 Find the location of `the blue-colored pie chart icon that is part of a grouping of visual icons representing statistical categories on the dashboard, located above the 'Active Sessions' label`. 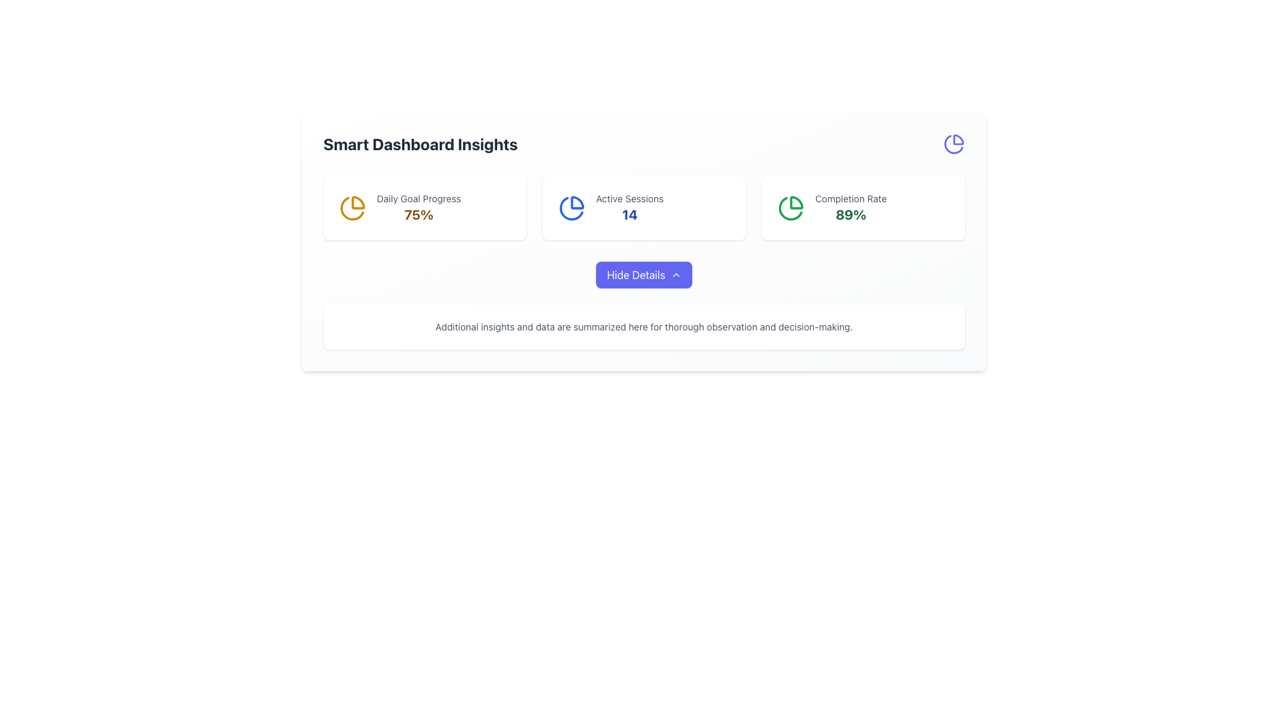

the blue-colored pie chart icon that is part of a grouping of visual icons representing statistical categories on the dashboard, located above the 'Active Sessions' label is located at coordinates (571, 208).